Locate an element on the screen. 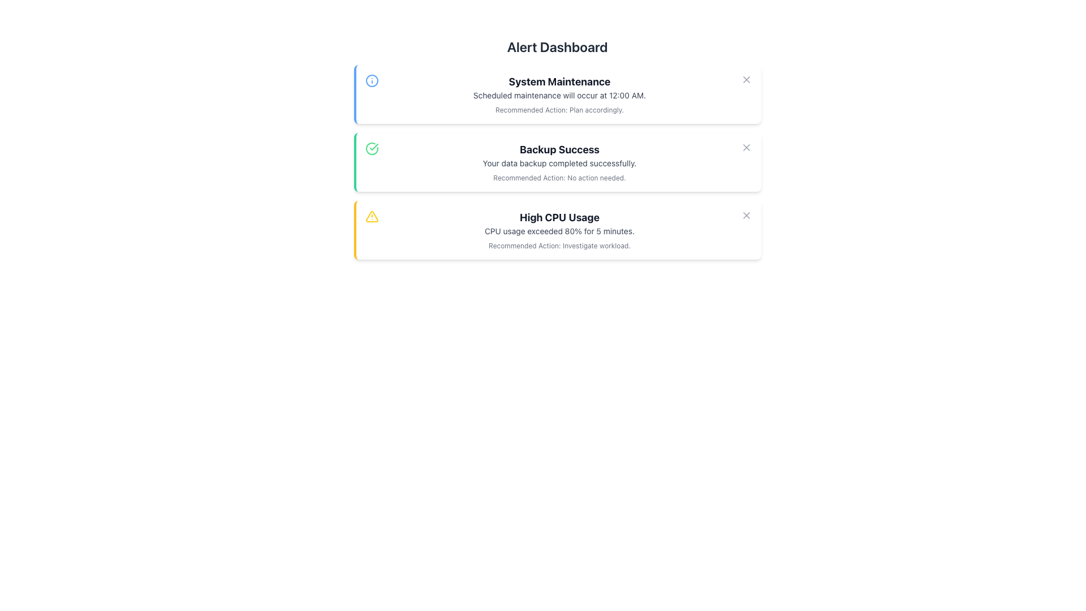  the title text of the alert message card that indicates 'System Maintenance', positioned at the top of the card is located at coordinates (559, 81).